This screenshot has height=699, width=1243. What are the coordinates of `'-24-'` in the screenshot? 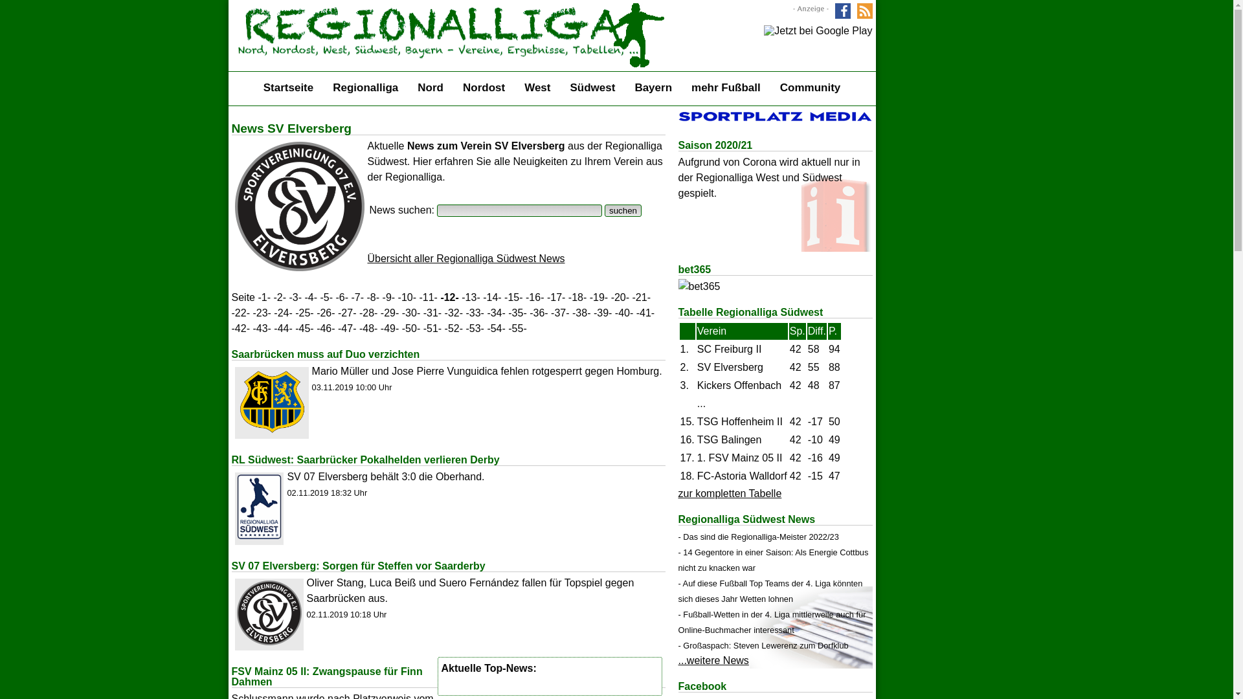 It's located at (282, 313).